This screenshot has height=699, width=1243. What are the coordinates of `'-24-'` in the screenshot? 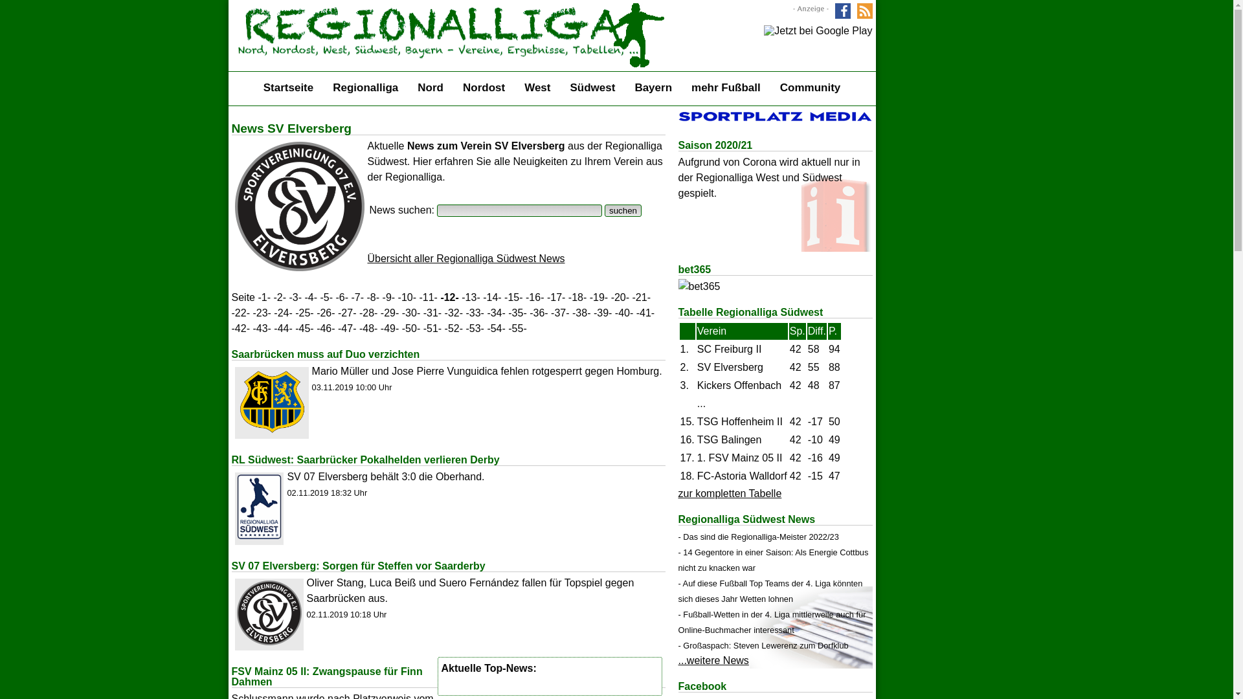 It's located at (282, 313).